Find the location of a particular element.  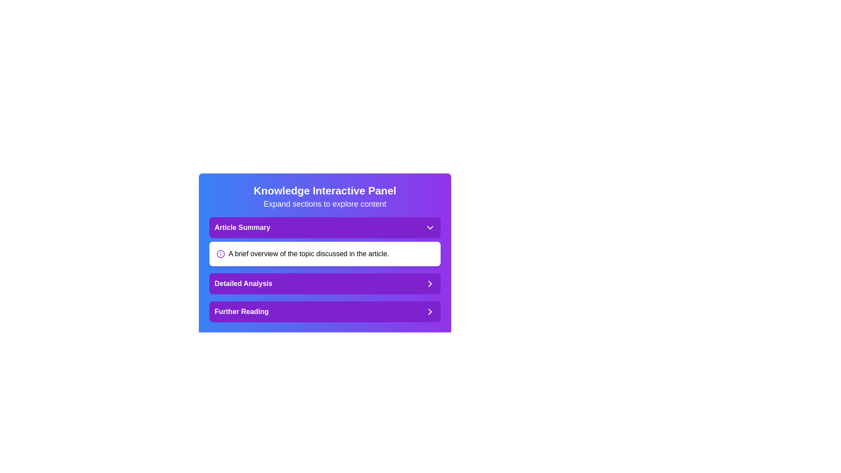

the first interactive button in the 'Knowledge Interactive Panel' to activate hover effects is located at coordinates (325, 227).